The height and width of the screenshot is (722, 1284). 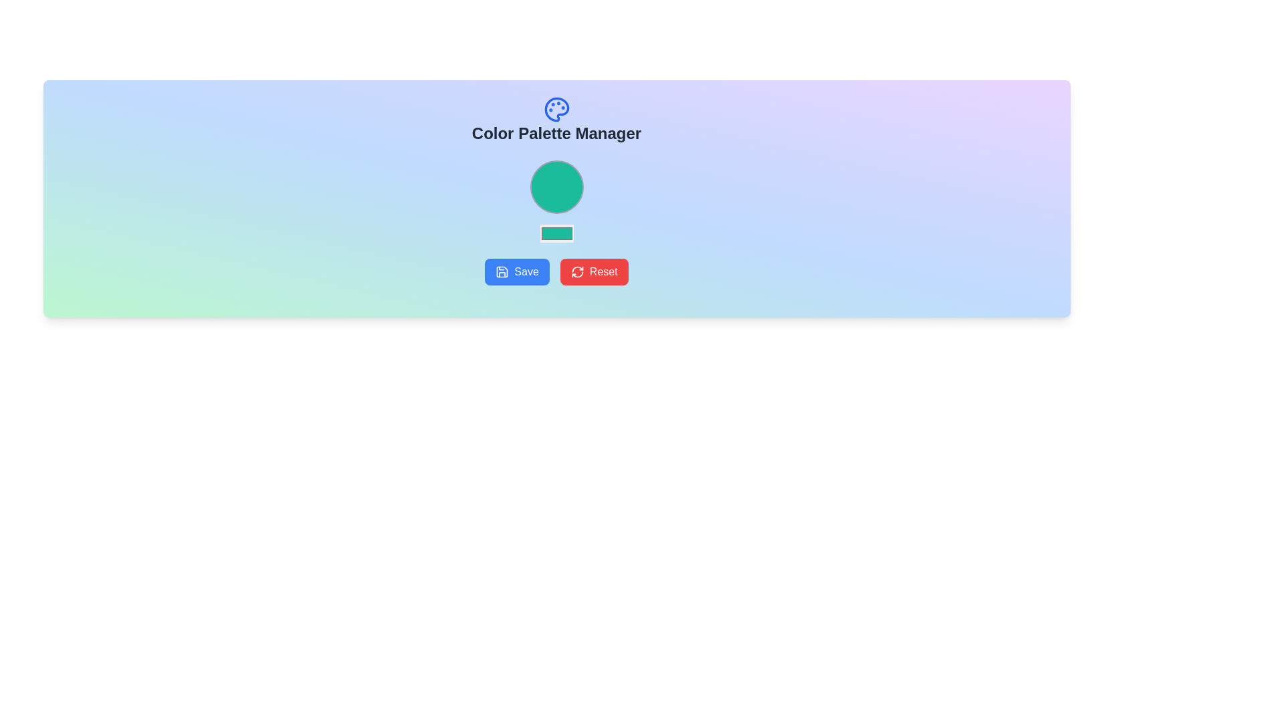 I want to click on the Header element introducing the 'Color Palette Manager' functionality by moving the cursor to its center point, so click(x=556, y=120).